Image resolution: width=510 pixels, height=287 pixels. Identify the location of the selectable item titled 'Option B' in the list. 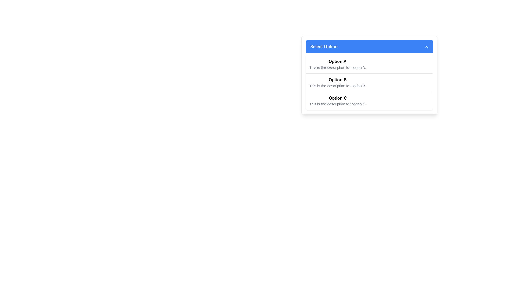
(337, 83).